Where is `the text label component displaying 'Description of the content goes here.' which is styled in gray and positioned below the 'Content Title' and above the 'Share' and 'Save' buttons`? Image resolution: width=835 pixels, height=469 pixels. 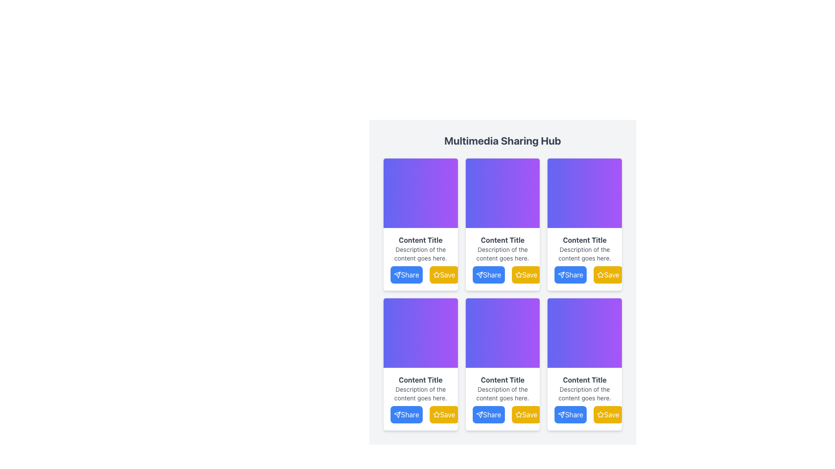
the text label component displaying 'Description of the content goes here.' which is styled in gray and positioned below the 'Content Title' and above the 'Share' and 'Save' buttons is located at coordinates (421, 254).